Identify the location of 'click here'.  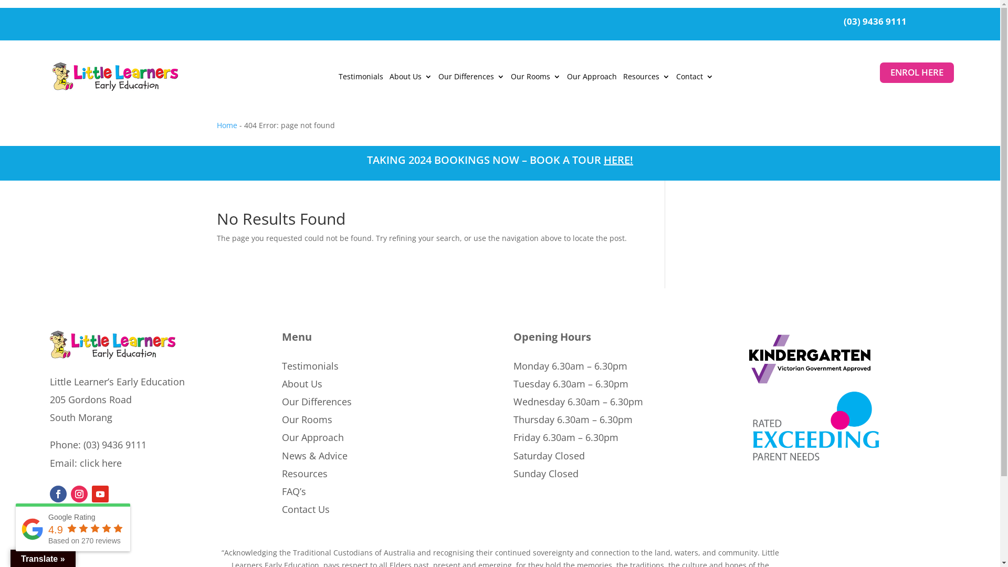
(79, 463).